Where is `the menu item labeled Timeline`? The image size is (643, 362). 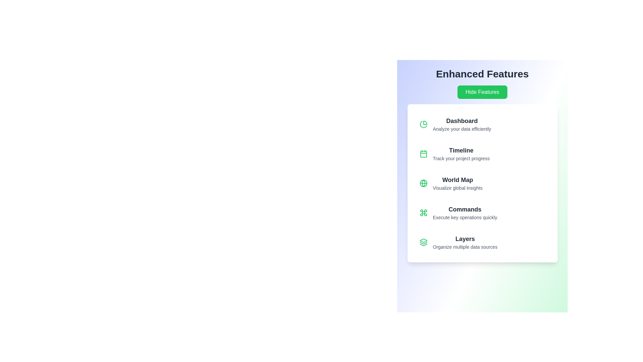
the menu item labeled Timeline is located at coordinates (482, 154).